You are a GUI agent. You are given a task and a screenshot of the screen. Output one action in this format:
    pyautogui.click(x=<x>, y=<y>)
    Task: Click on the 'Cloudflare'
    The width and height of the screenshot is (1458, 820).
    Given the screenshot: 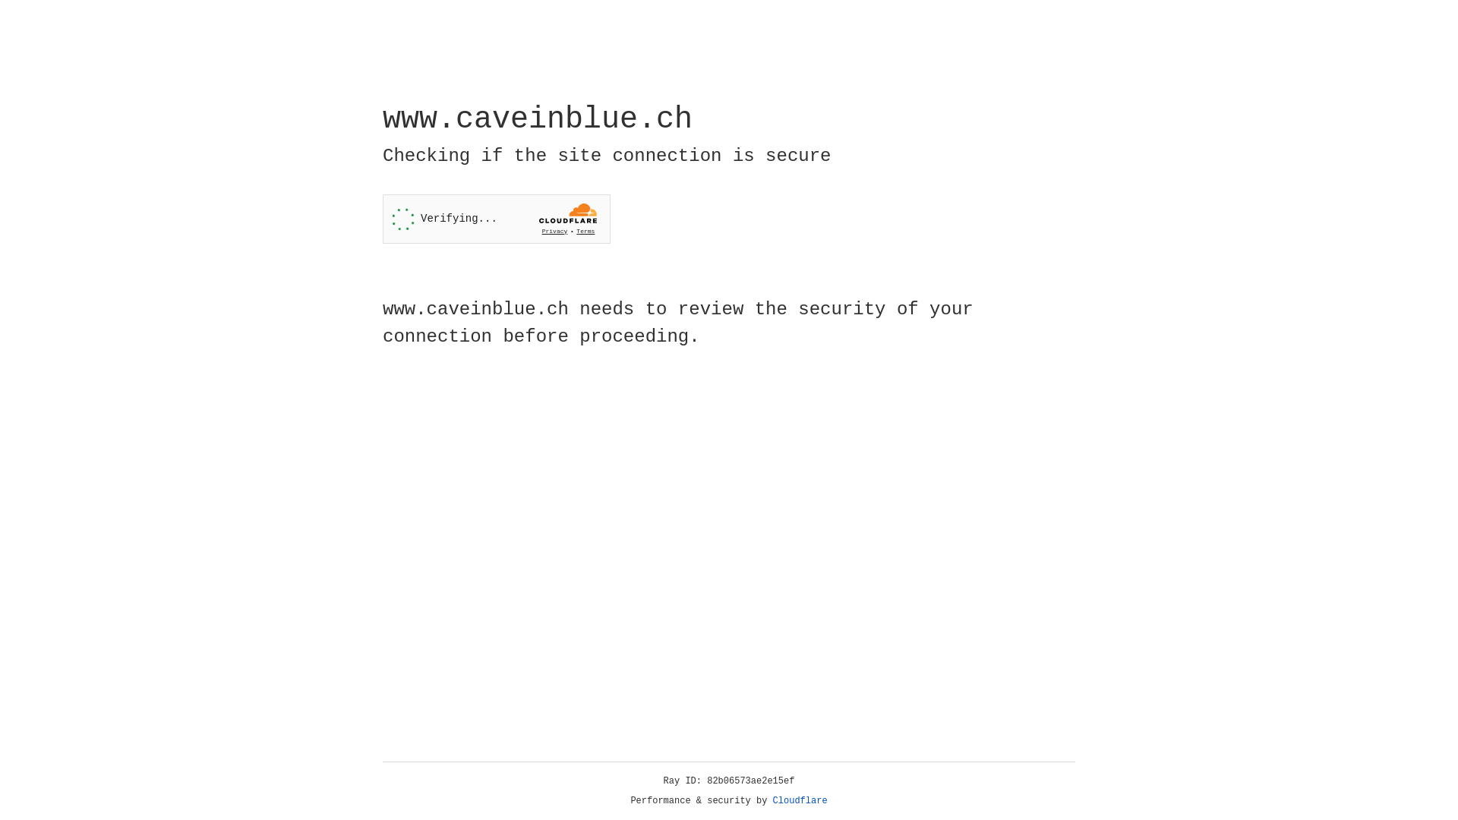 What is the action you would take?
    pyautogui.click(x=800, y=800)
    